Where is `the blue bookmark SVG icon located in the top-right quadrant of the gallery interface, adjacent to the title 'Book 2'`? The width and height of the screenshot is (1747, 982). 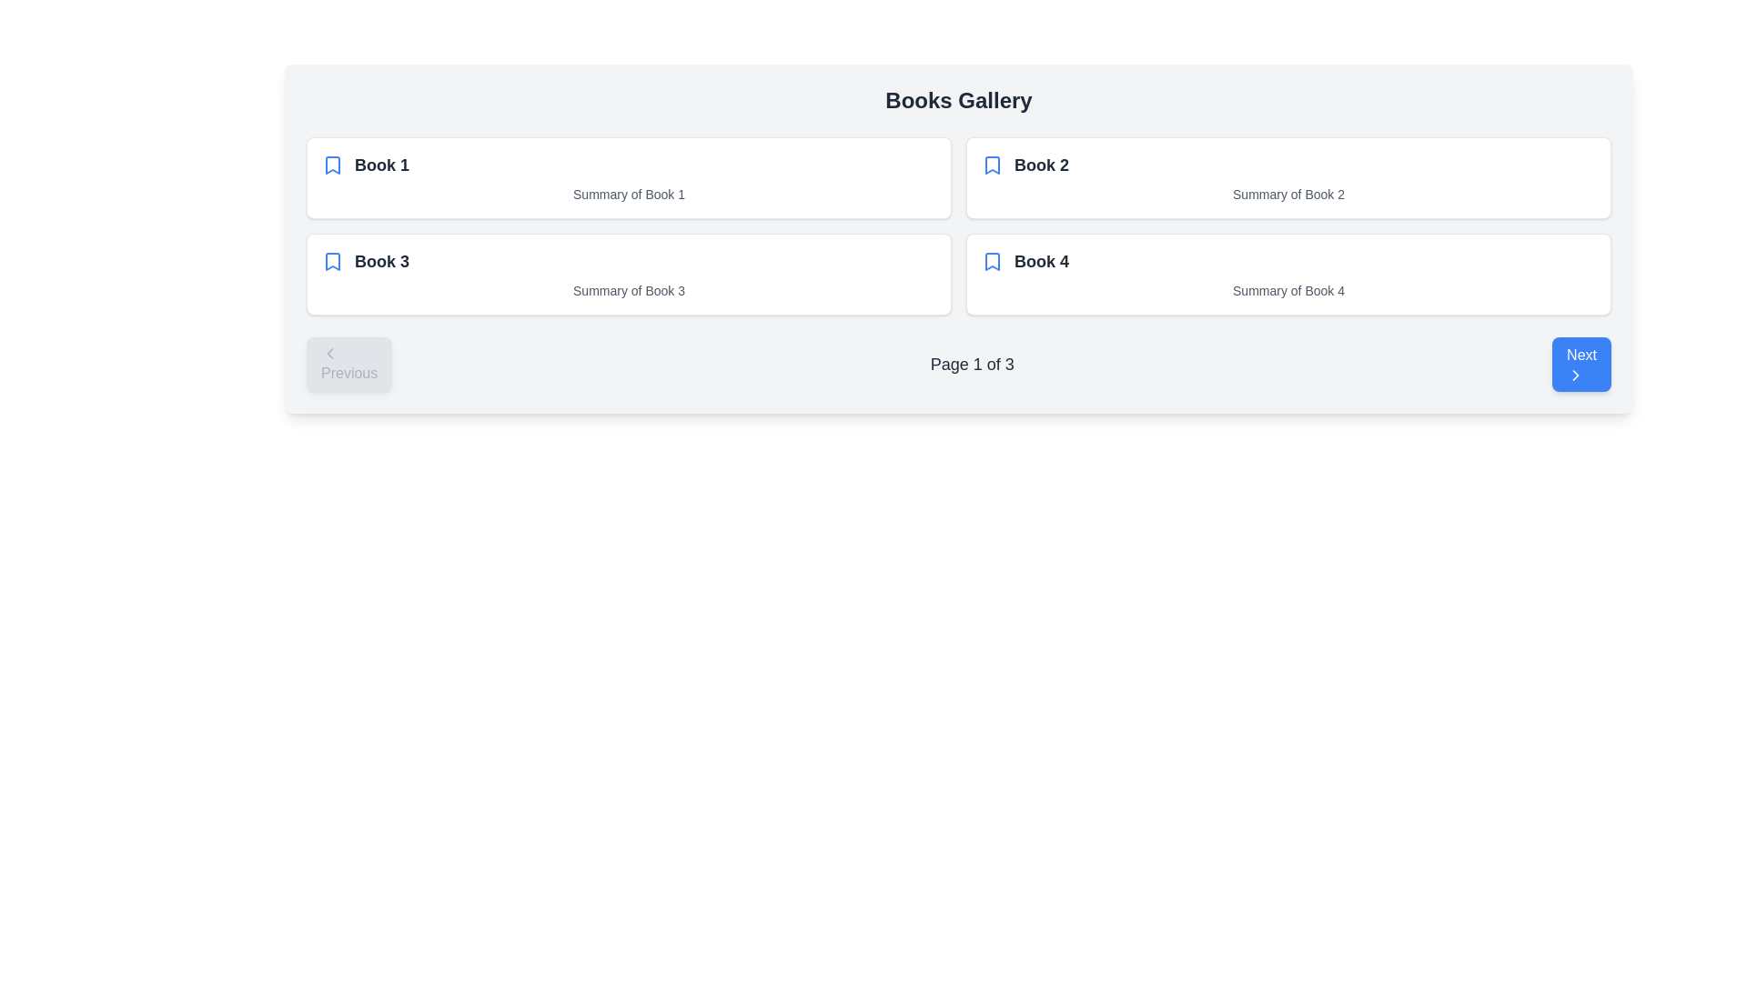 the blue bookmark SVG icon located in the top-right quadrant of the gallery interface, adjacent to the title 'Book 2' is located at coordinates (991, 165).